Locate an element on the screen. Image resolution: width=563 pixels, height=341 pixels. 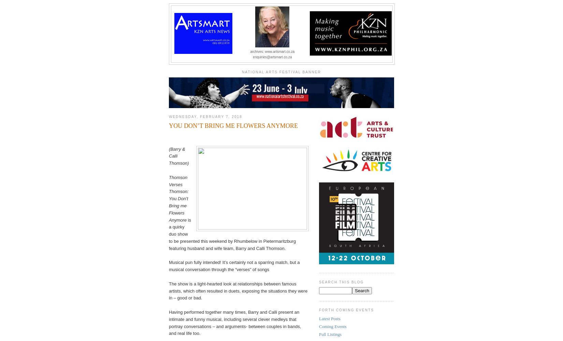
'Search This Blog' is located at coordinates (341, 281).